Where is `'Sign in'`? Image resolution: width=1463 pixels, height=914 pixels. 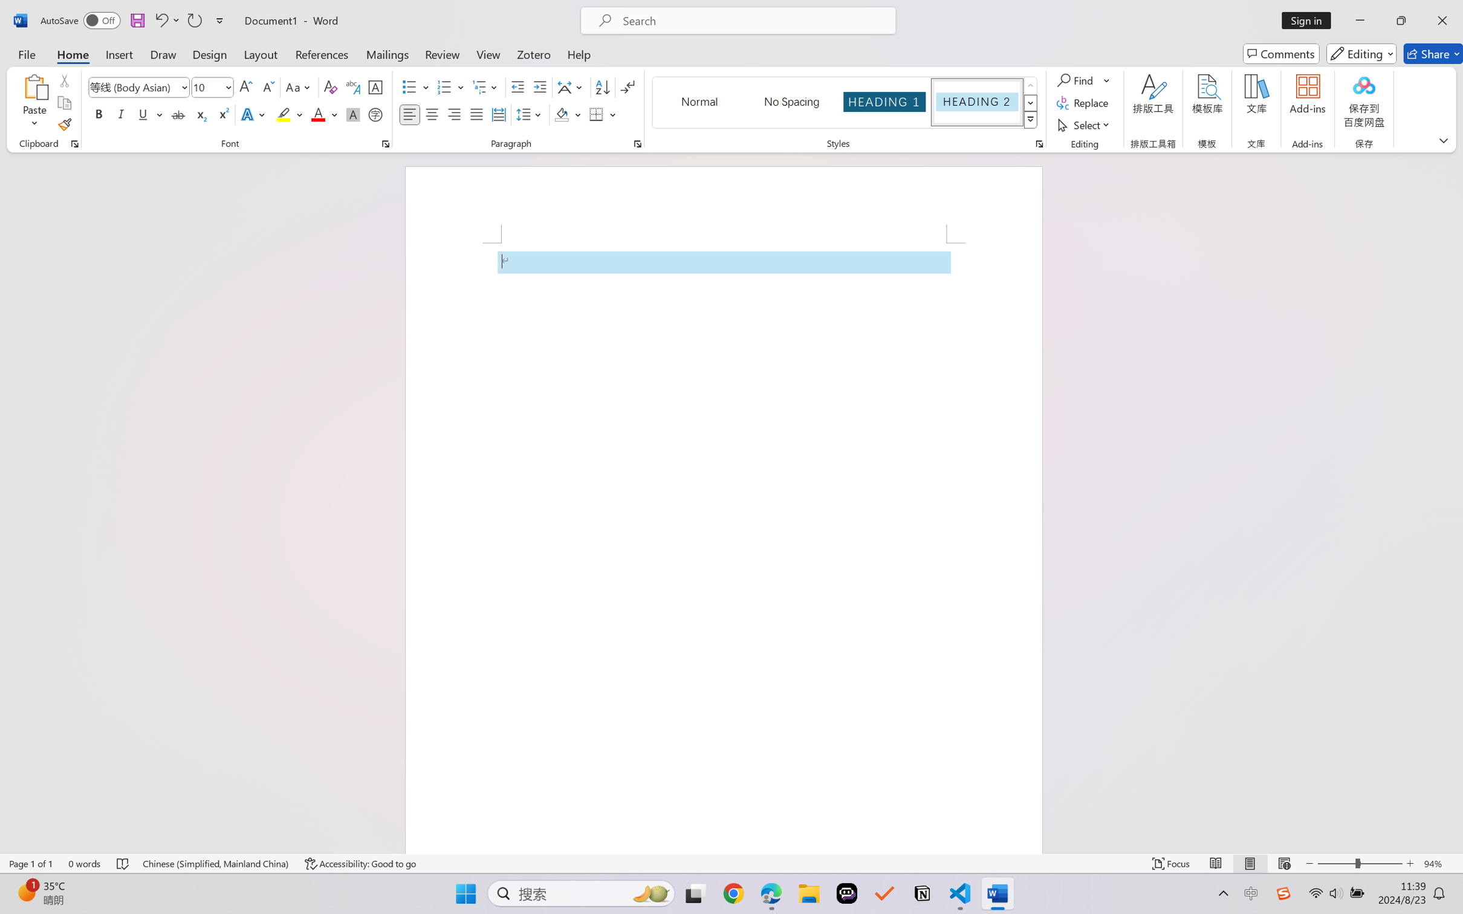 'Sign in' is located at coordinates (1311, 20).